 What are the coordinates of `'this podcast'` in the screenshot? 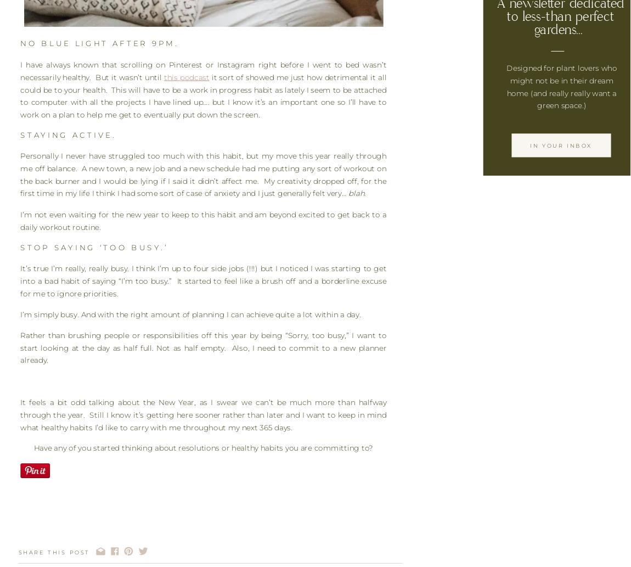 It's located at (186, 77).